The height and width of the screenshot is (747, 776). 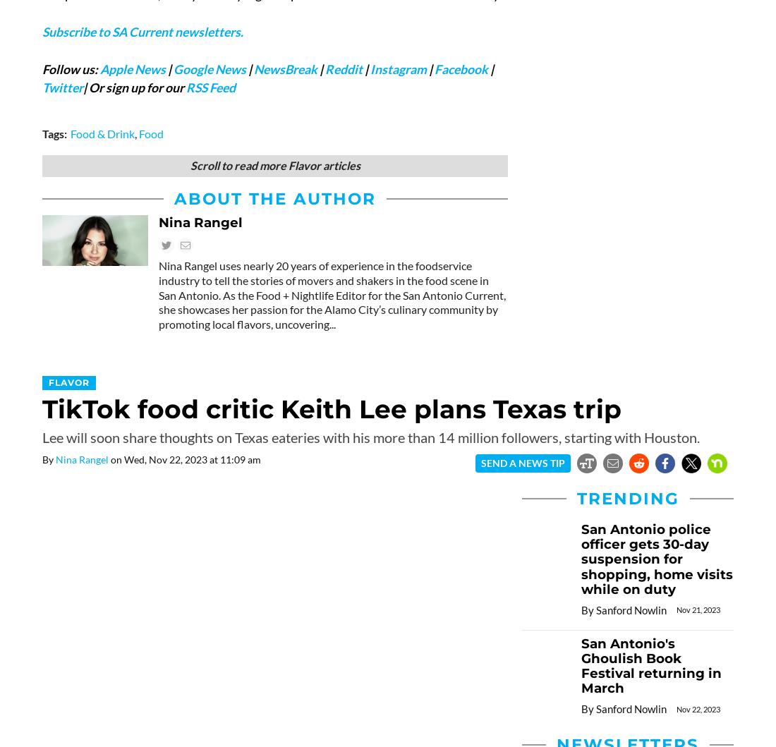 I want to click on 'NewsBreak', so click(x=286, y=68).